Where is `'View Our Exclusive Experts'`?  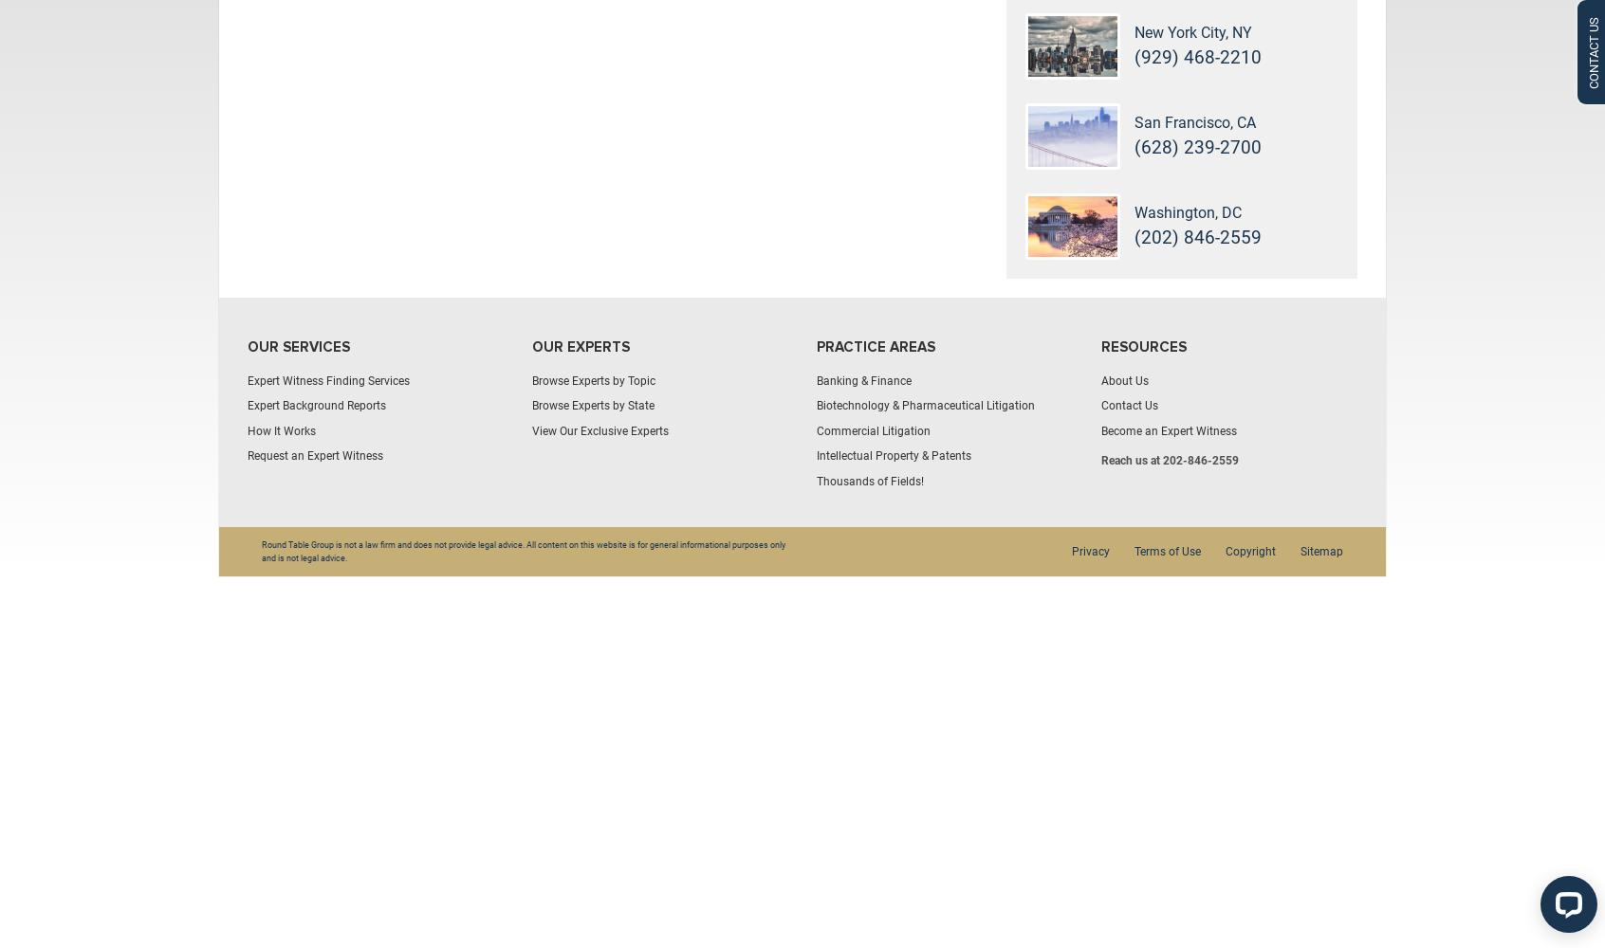 'View Our Exclusive Experts' is located at coordinates (599, 429).